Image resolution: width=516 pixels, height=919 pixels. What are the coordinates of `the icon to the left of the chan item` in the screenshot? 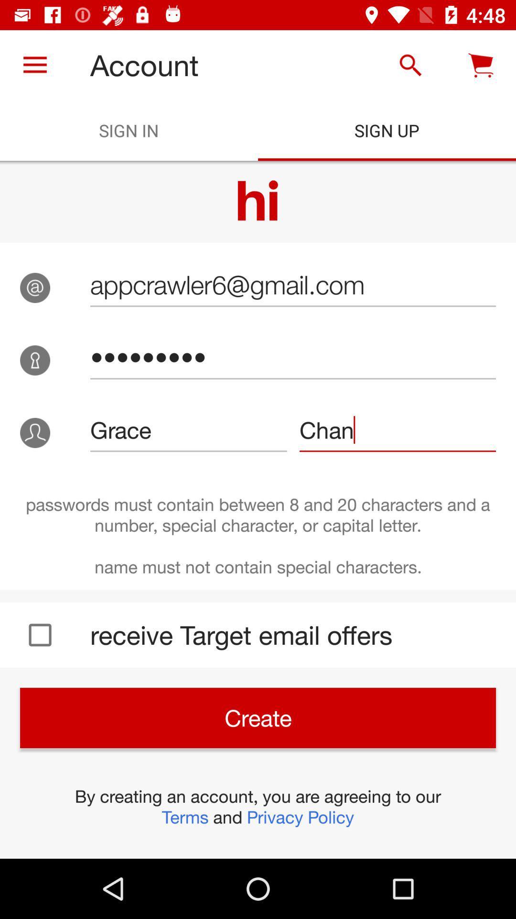 It's located at (188, 429).